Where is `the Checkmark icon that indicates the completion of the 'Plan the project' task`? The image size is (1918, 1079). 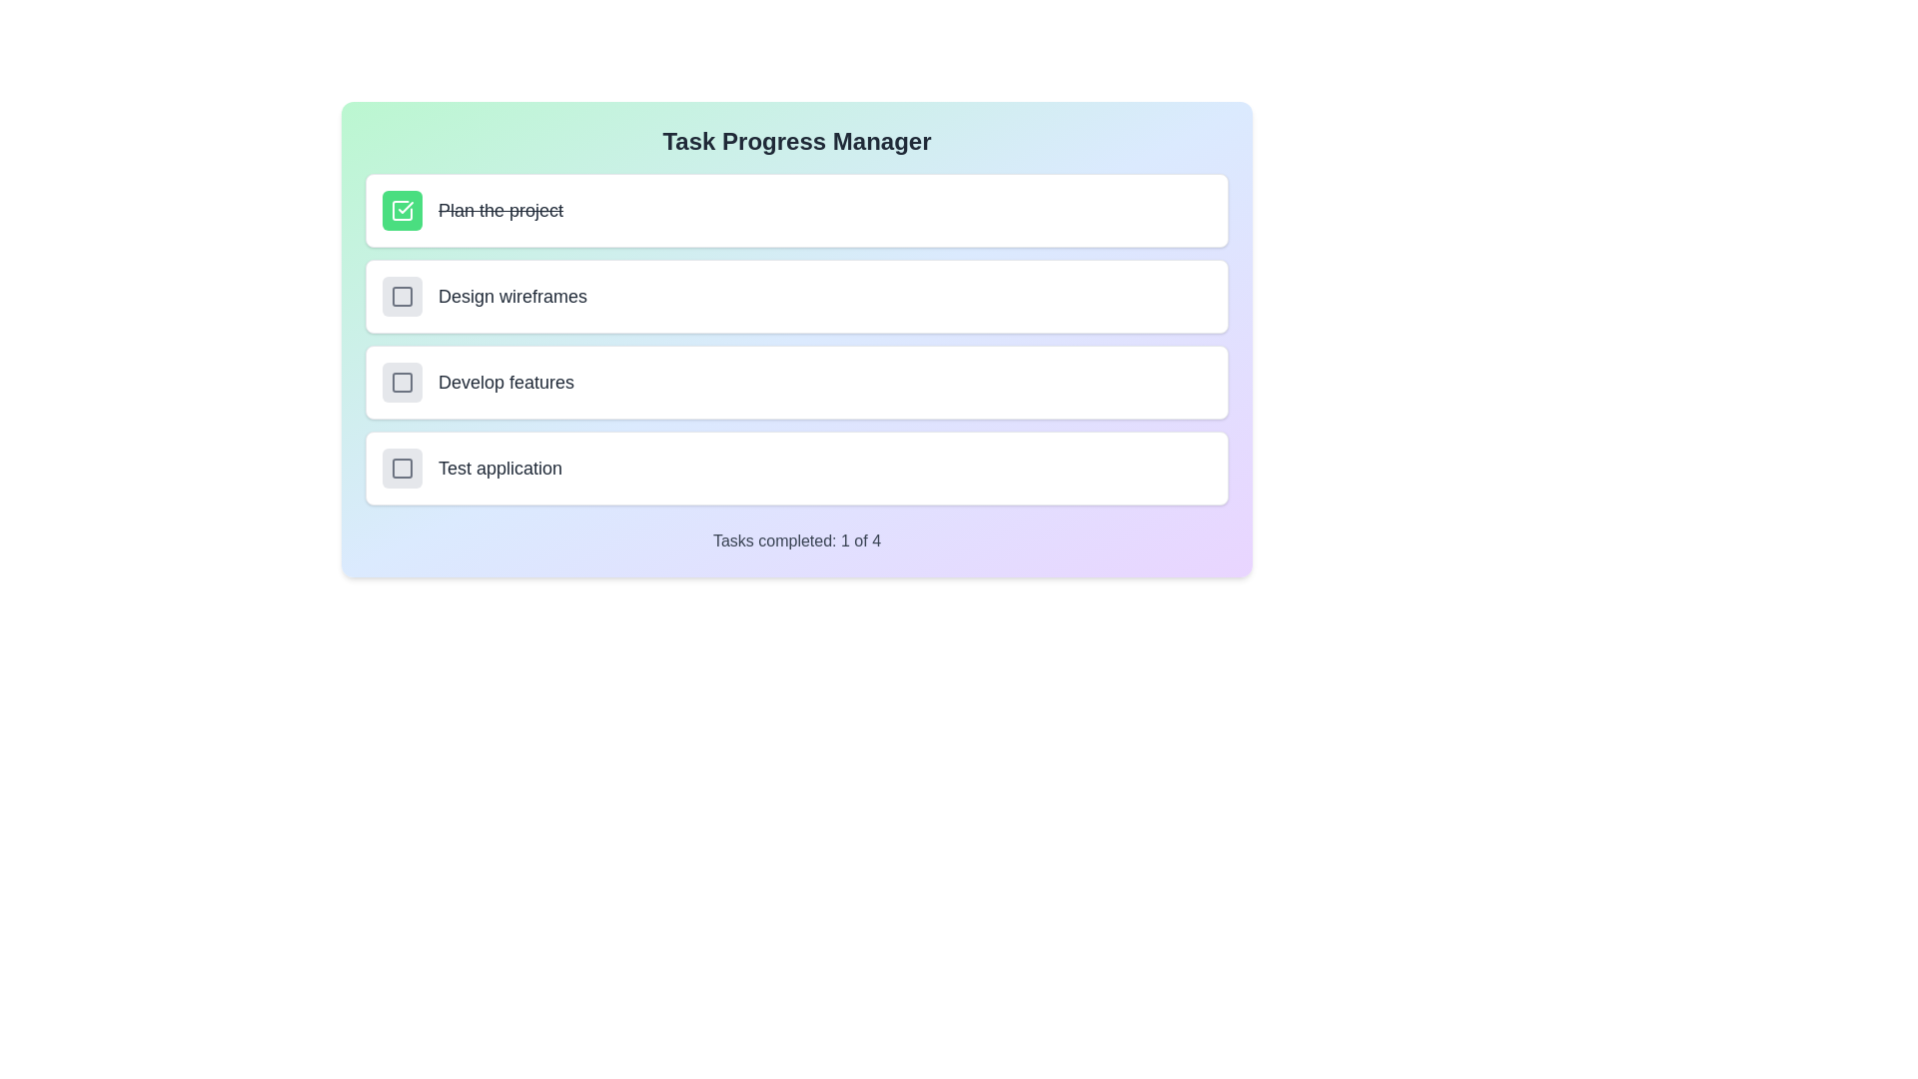
the Checkmark icon that indicates the completion of the 'Plan the project' task is located at coordinates (405, 208).